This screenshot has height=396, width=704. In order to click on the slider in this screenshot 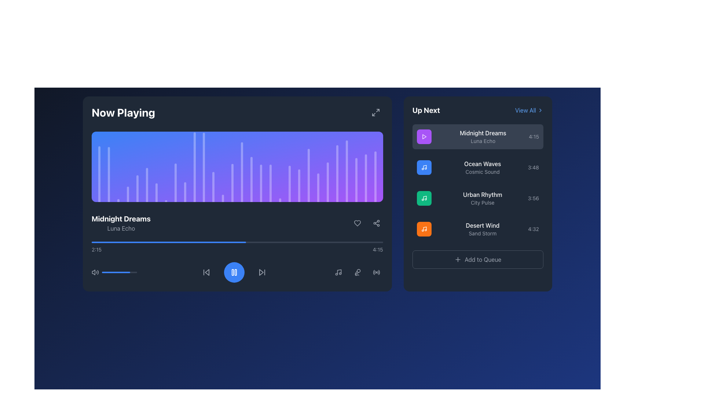, I will do `click(107, 272)`.